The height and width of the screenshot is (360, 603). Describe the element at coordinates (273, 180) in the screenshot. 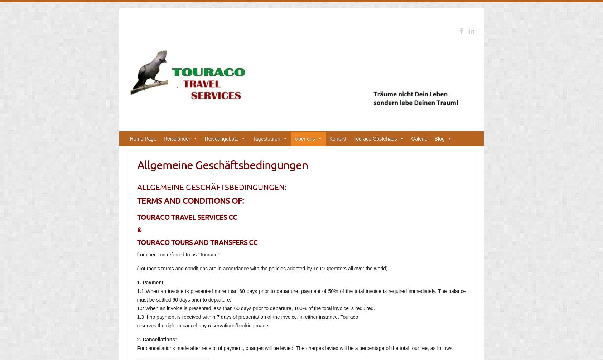

I see `'Pilanesberg Safari'` at that location.